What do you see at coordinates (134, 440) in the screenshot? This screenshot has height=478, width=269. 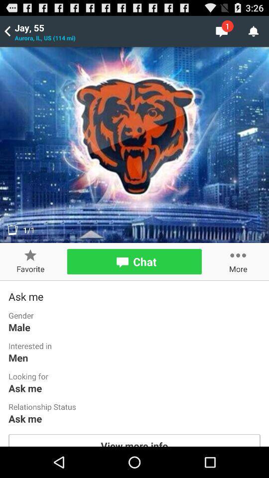 I see `the view more info button` at bounding box center [134, 440].